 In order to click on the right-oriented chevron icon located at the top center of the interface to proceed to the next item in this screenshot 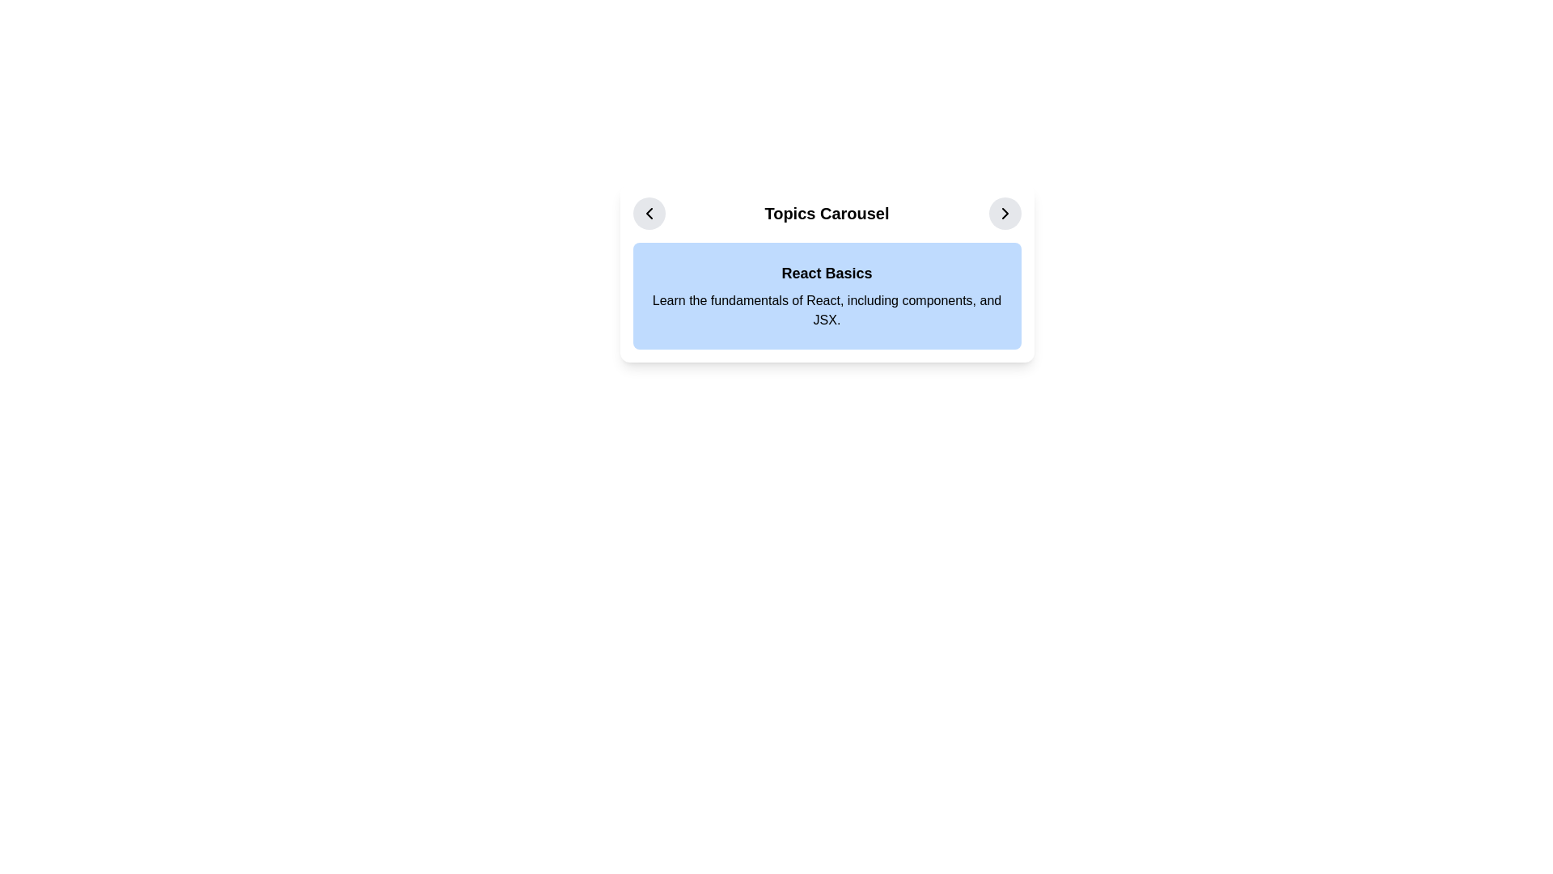, I will do `click(1004, 212)`.